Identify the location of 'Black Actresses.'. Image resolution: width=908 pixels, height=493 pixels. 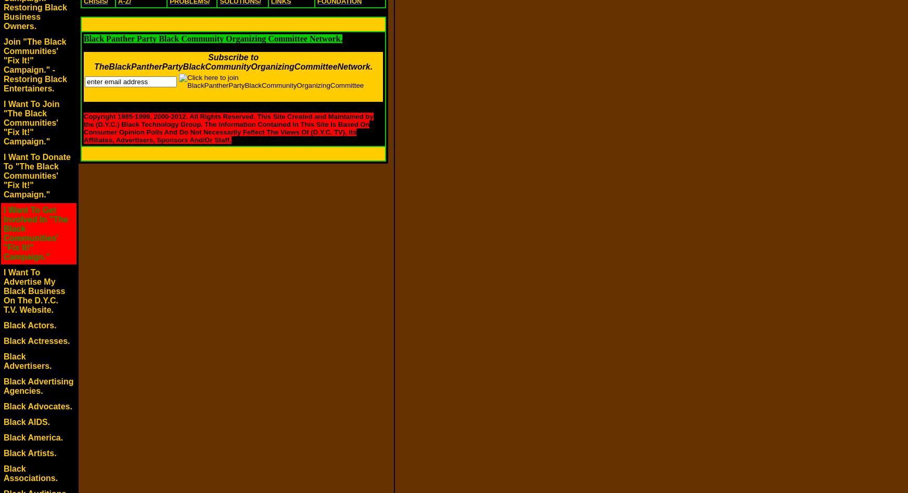
(36, 341).